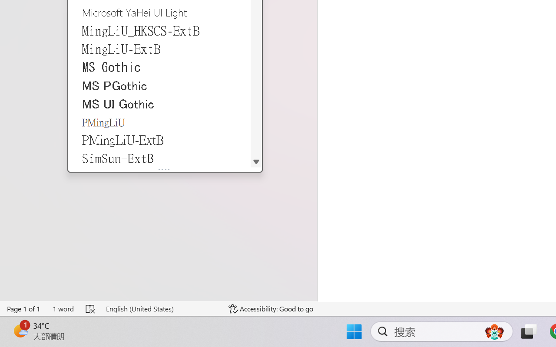 This screenshot has height=347, width=556. I want to click on 'Line down', so click(256, 161).